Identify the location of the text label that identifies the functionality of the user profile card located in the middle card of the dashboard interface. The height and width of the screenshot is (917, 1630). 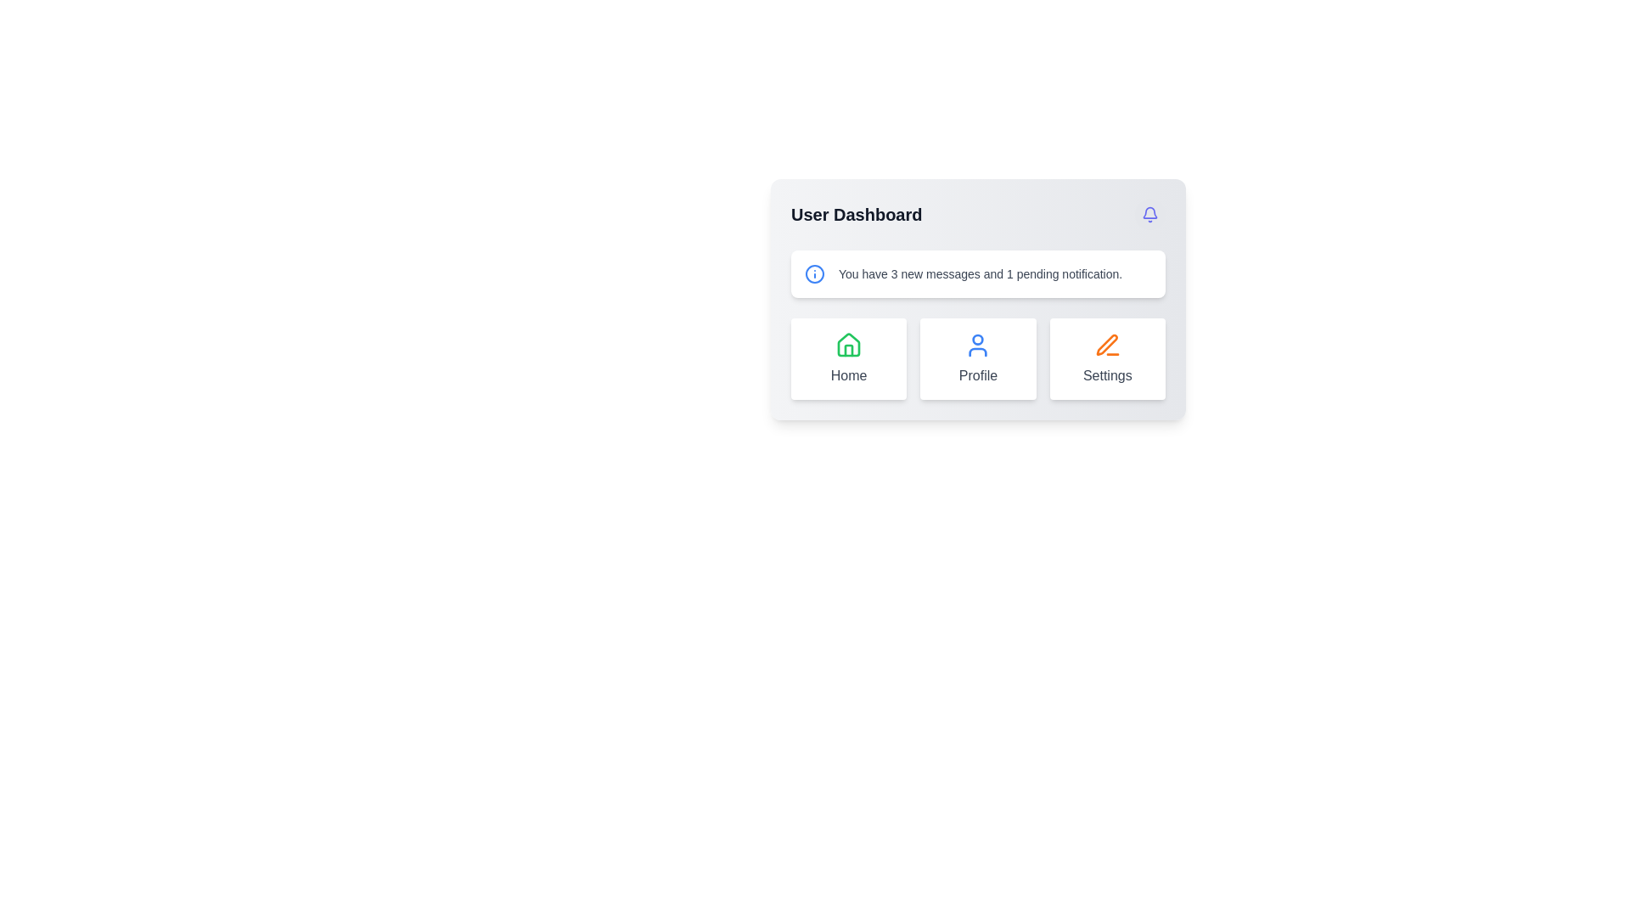
(978, 375).